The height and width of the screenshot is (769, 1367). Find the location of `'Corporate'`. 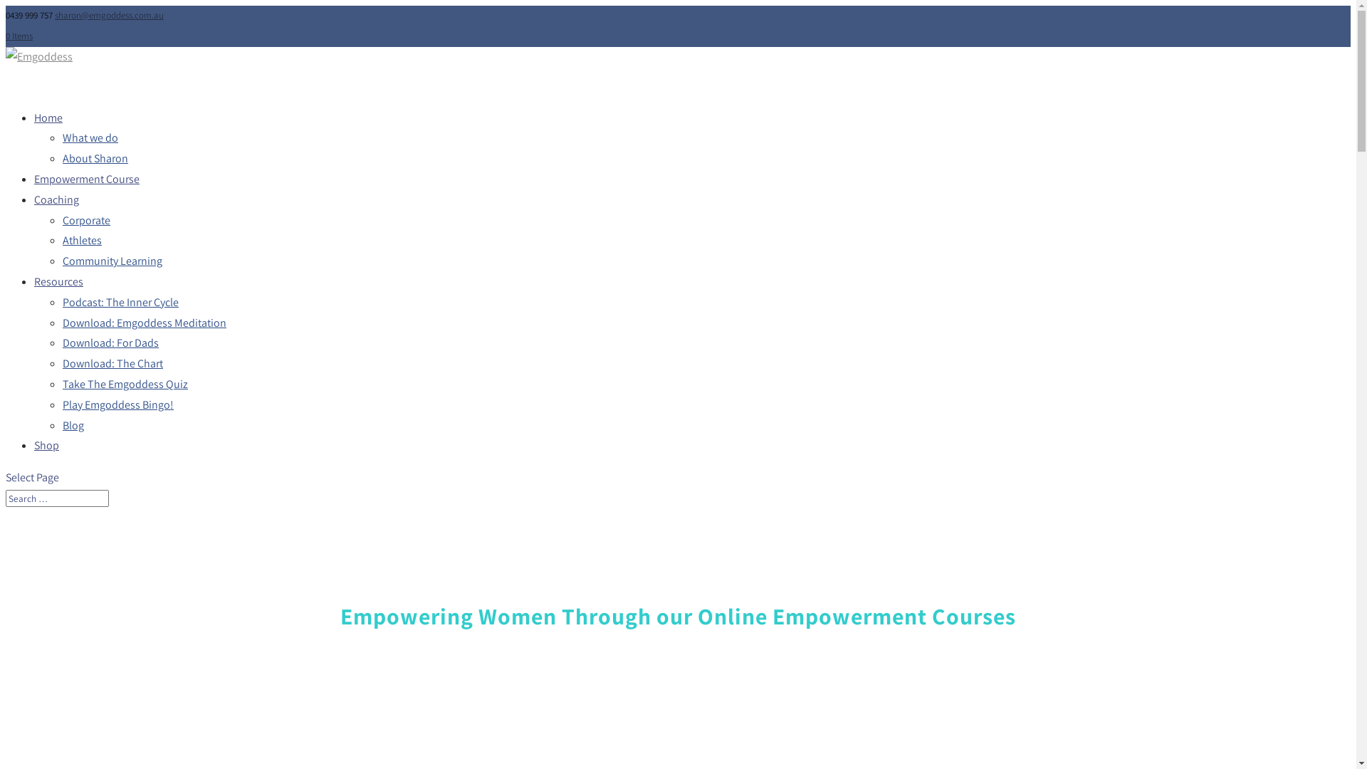

'Corporate' is located at coordinates (85, 220).